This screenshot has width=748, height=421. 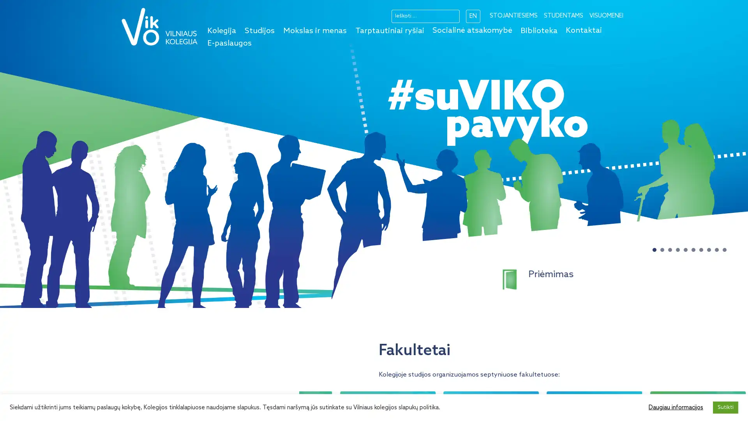 I want to click on E-paslaugos, so click(x=229, y=43).